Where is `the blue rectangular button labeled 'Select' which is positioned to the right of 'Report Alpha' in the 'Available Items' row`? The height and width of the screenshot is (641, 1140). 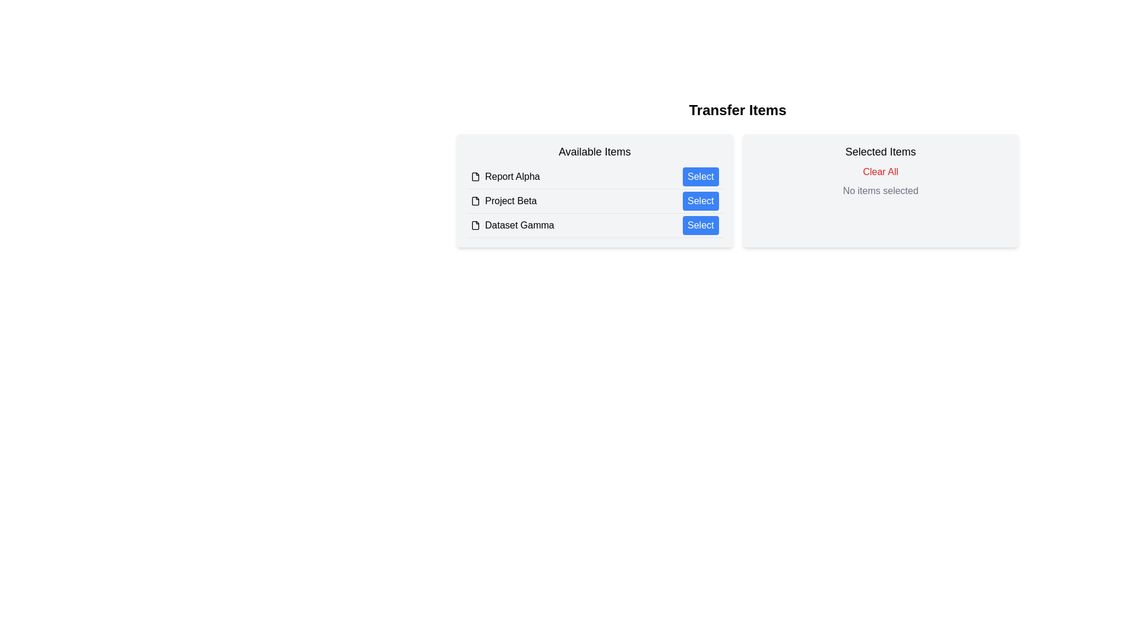 the blue rectangular button labeled 'Select' which is positioned to the right of 'Report Alpha' in the 'Available Items' row is located at coordinates (701, 176).